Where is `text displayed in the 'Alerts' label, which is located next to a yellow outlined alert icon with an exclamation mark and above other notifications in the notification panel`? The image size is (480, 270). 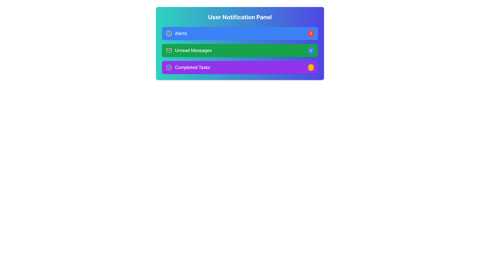
text displayed in the 'Alerts' label, which is located next to a yellow outlined alert icon with an exclamation mark and above other notifications in the notification panel is located at coordinates (176, 33).